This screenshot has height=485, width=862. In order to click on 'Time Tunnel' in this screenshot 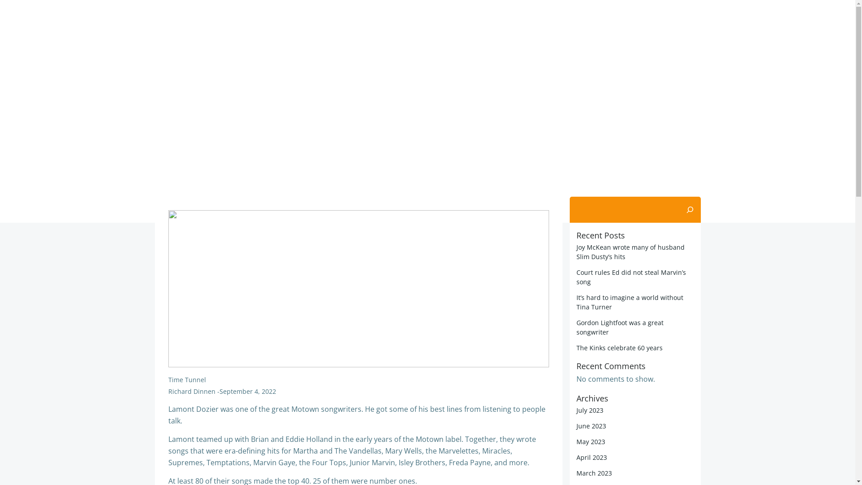, I will do `click(186, 379)`.